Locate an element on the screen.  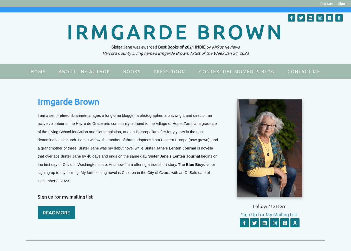
'Follow Me Here' is located at coordinates (269, 206).